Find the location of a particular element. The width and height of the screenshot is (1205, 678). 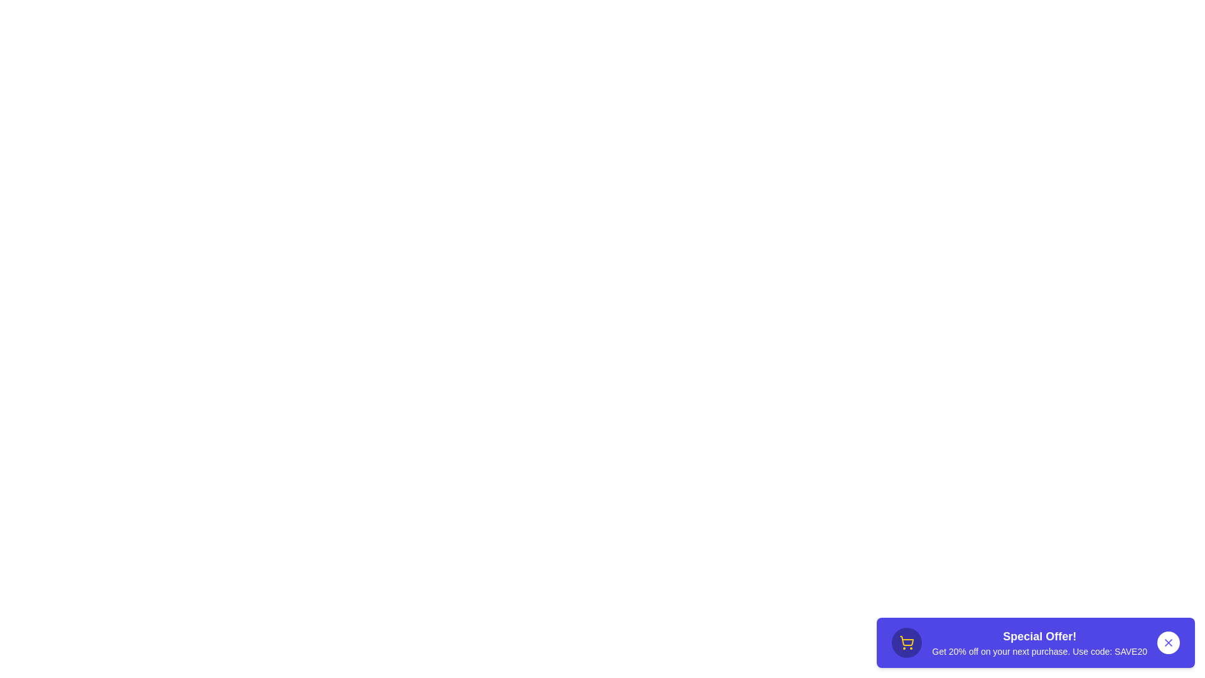

the close button to dismiss the notification is located at coordinates (1168, 642).